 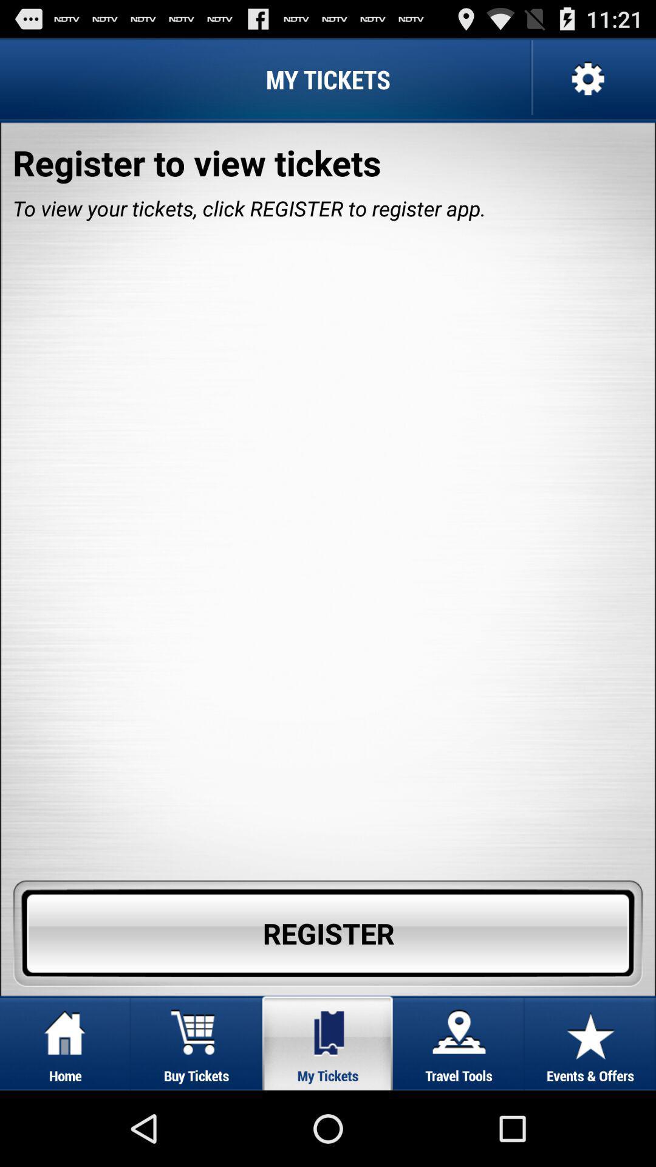 What do you see at coordinates (586, 78) in the screenshot?
I see `the item to the right of the my tickets` at bounding box center [586, 78].